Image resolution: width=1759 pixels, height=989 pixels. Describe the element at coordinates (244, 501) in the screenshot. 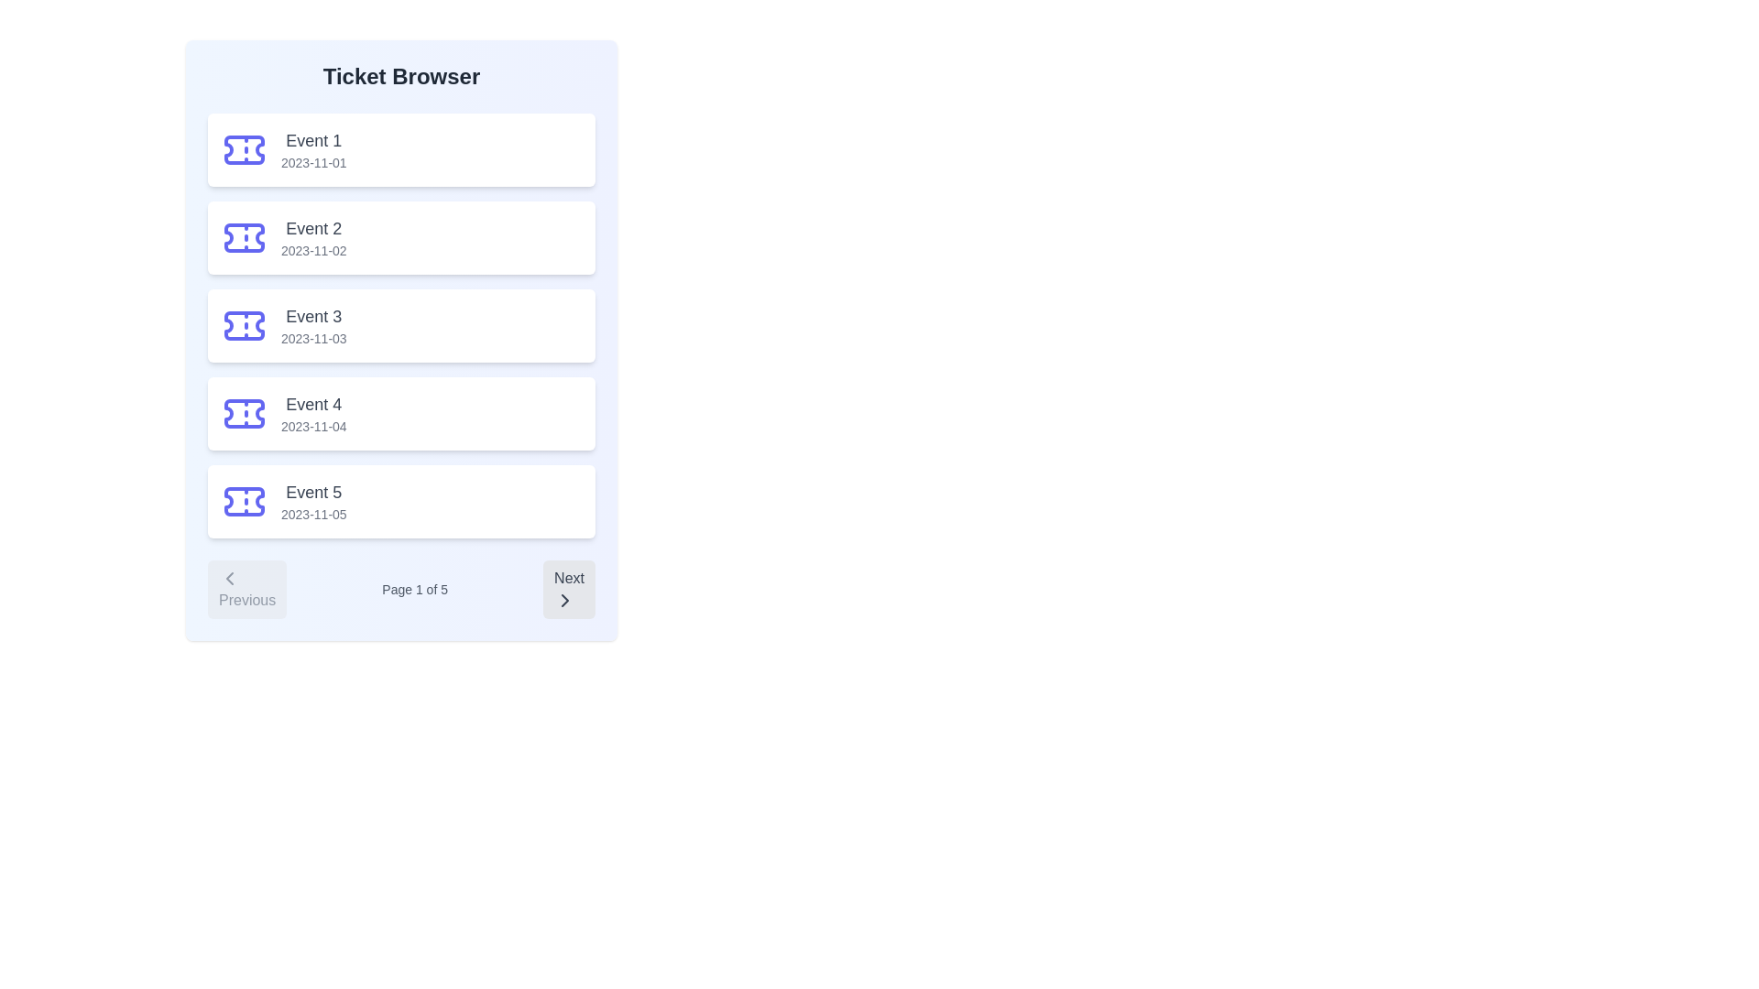

I see `the ticket icon in the fifth event block, which is indigo-colored and features rounded edges, positioned to the left of the text 'Event 5' and '2023-11-05'` at that location.